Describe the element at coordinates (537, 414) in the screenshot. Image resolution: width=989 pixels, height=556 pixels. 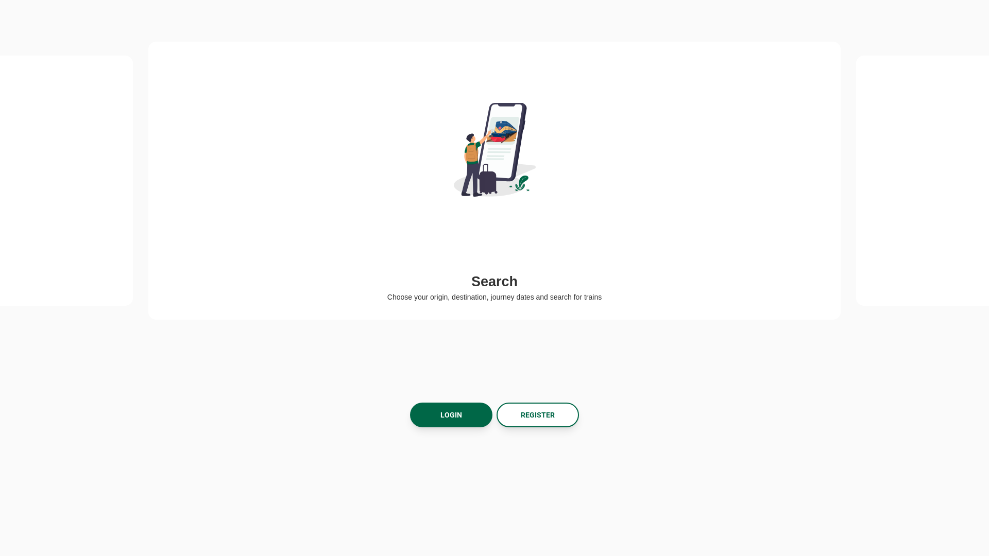
I see `'REGISTER'` at that location.